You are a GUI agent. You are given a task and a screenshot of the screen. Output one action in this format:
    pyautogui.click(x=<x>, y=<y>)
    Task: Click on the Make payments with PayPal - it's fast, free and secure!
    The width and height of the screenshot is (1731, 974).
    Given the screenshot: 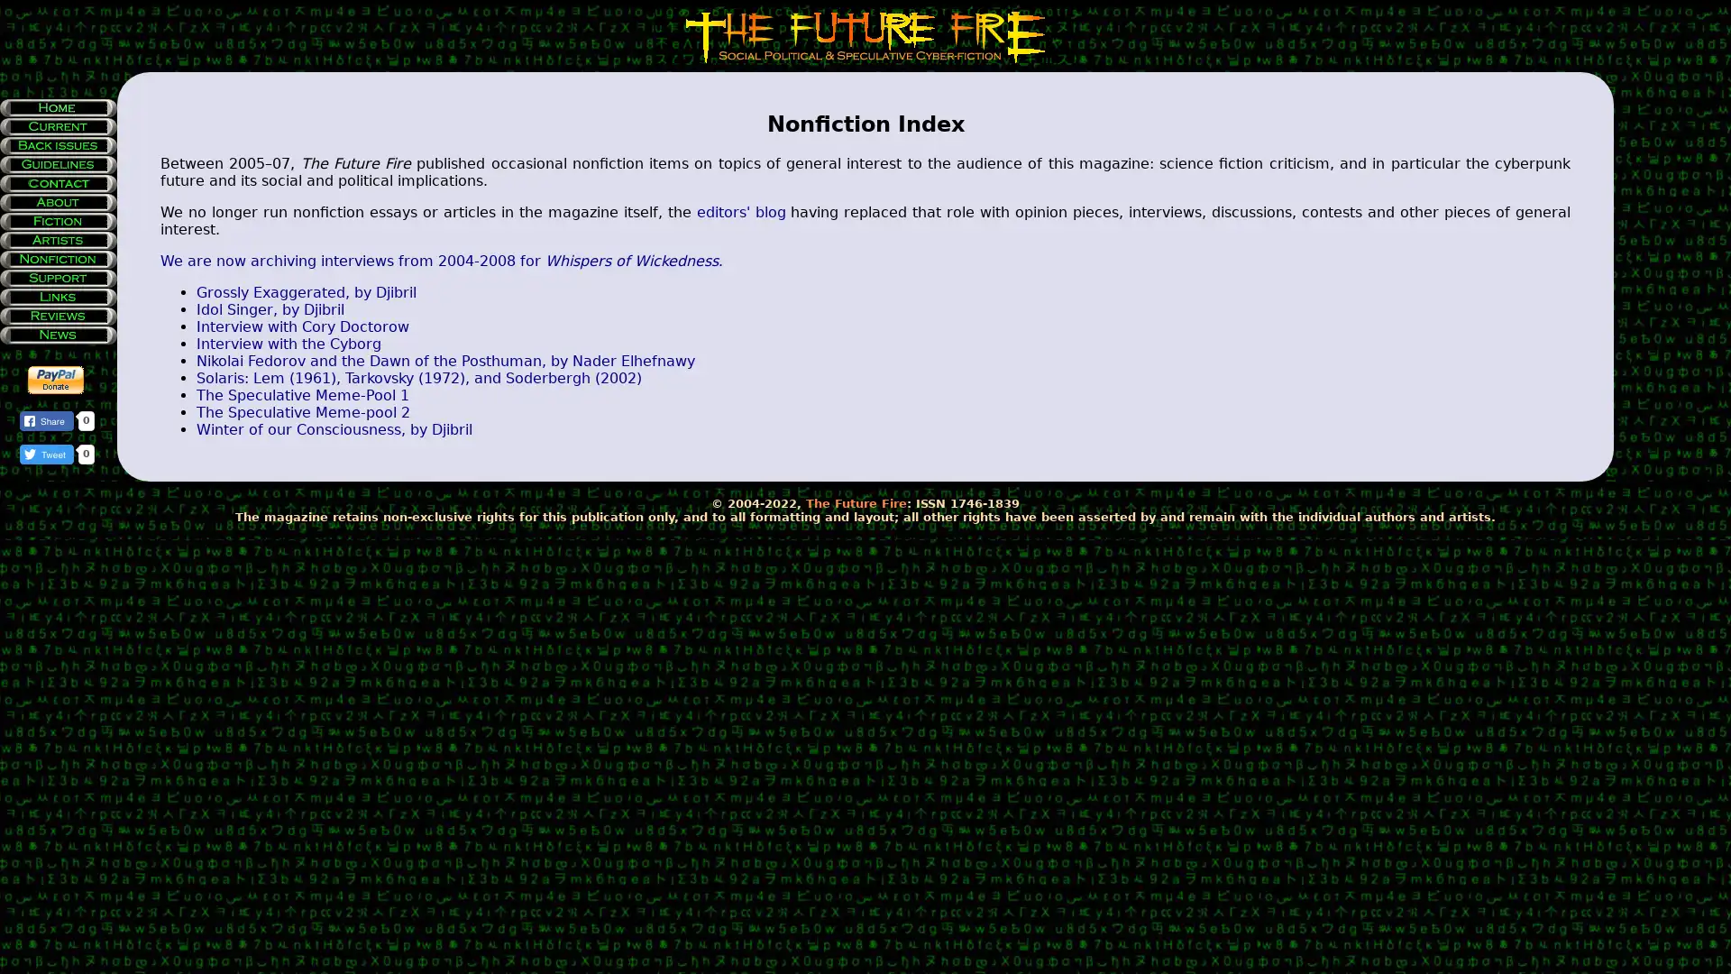 What is the action you would take?
    pyautogui.click(x=56, y=379)
    